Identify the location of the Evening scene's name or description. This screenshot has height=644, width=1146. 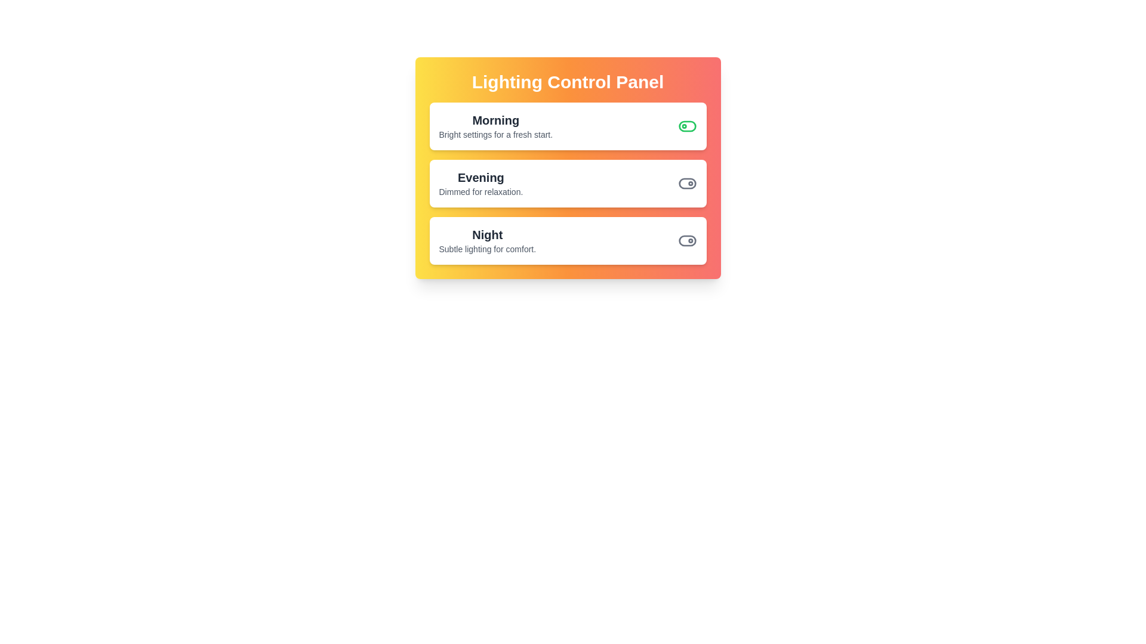
(480, 177).